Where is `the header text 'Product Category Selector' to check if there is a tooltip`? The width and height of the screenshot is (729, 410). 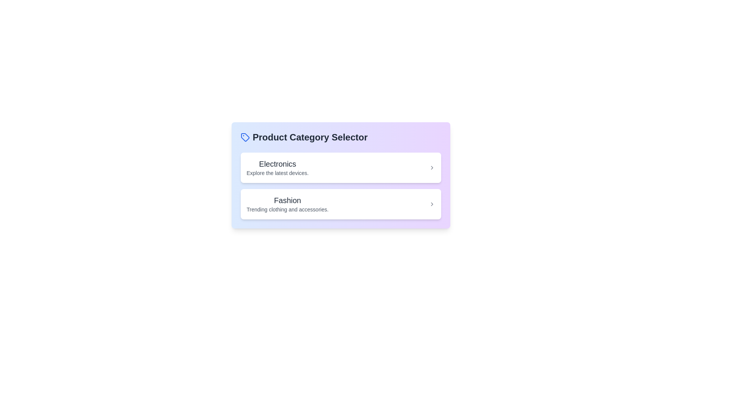
the header text 'Product Category Selector' to check if there is a tooltip is located at coordinates (310, 137).